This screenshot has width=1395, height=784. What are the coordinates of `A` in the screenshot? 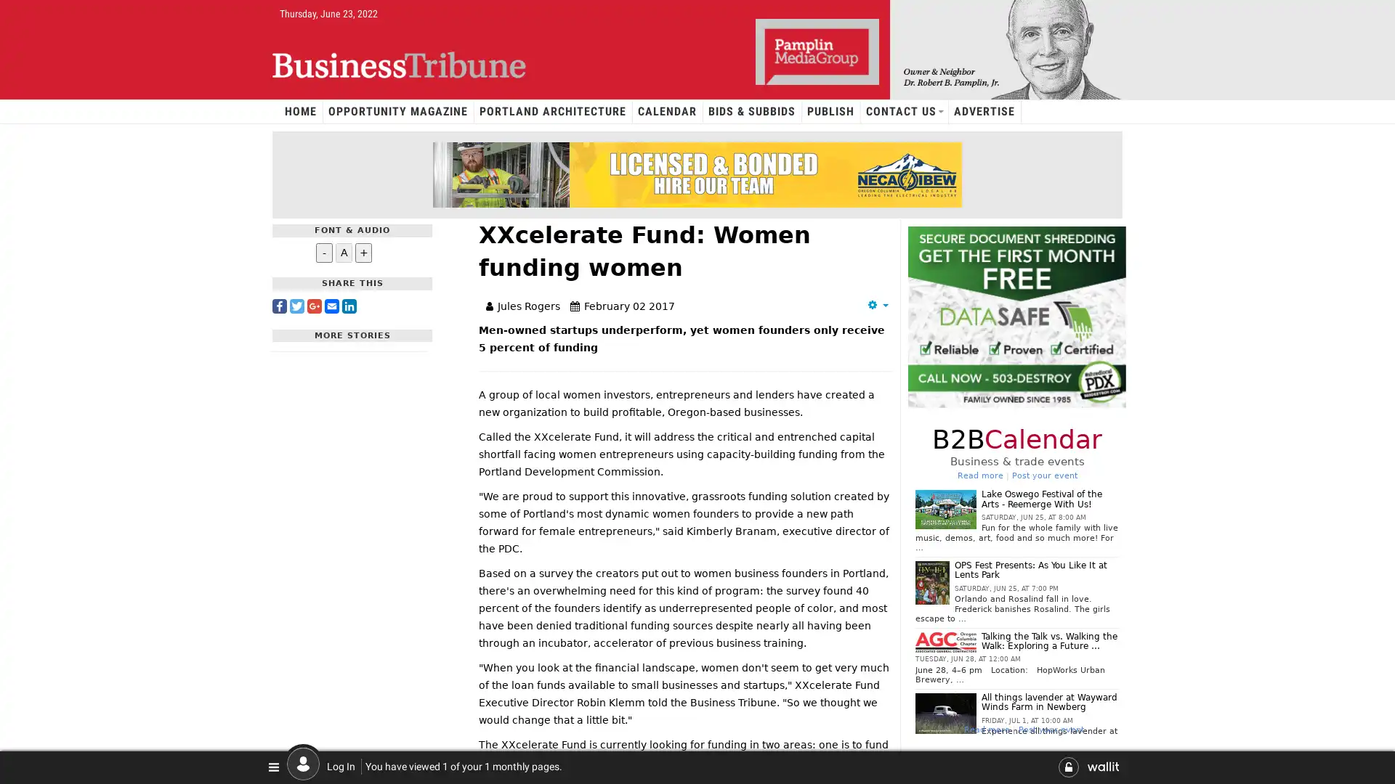 It's located at (343, 251).